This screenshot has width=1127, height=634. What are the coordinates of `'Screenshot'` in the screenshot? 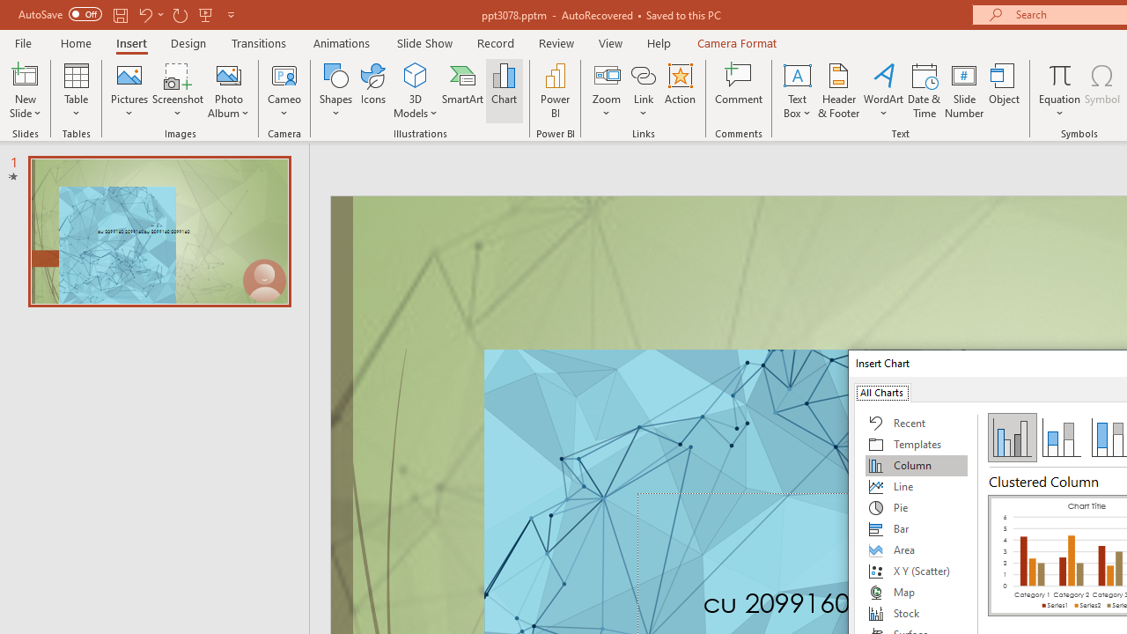 It's located at (178, 91).